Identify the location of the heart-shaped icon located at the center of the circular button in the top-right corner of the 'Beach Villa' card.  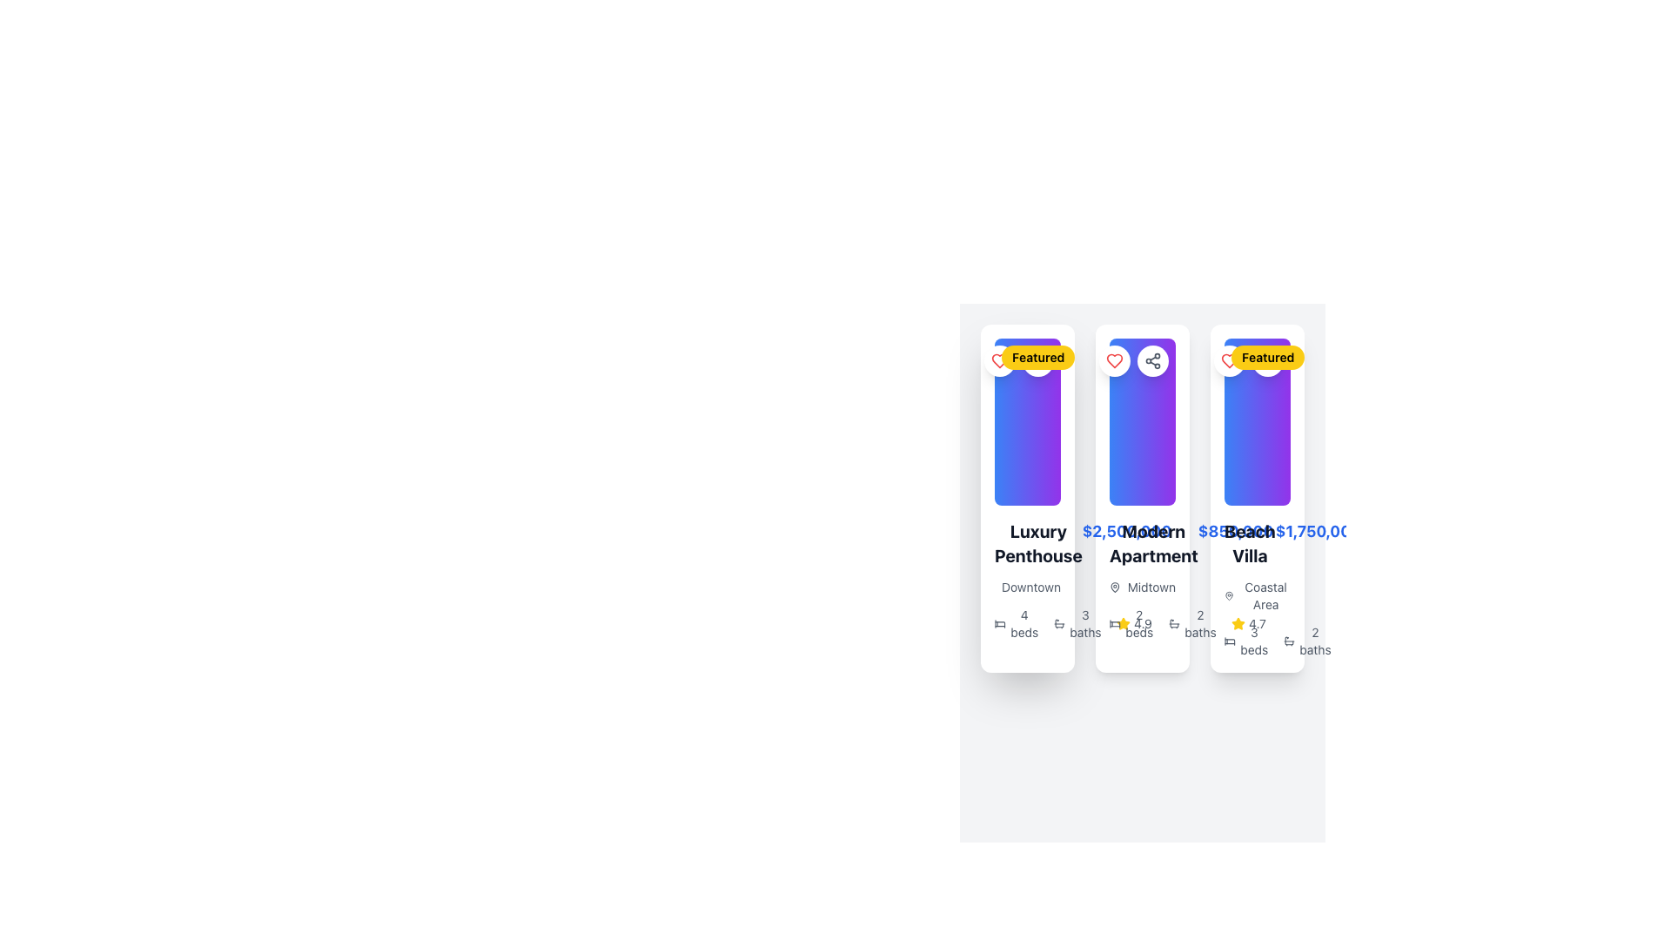
(1115, 360).